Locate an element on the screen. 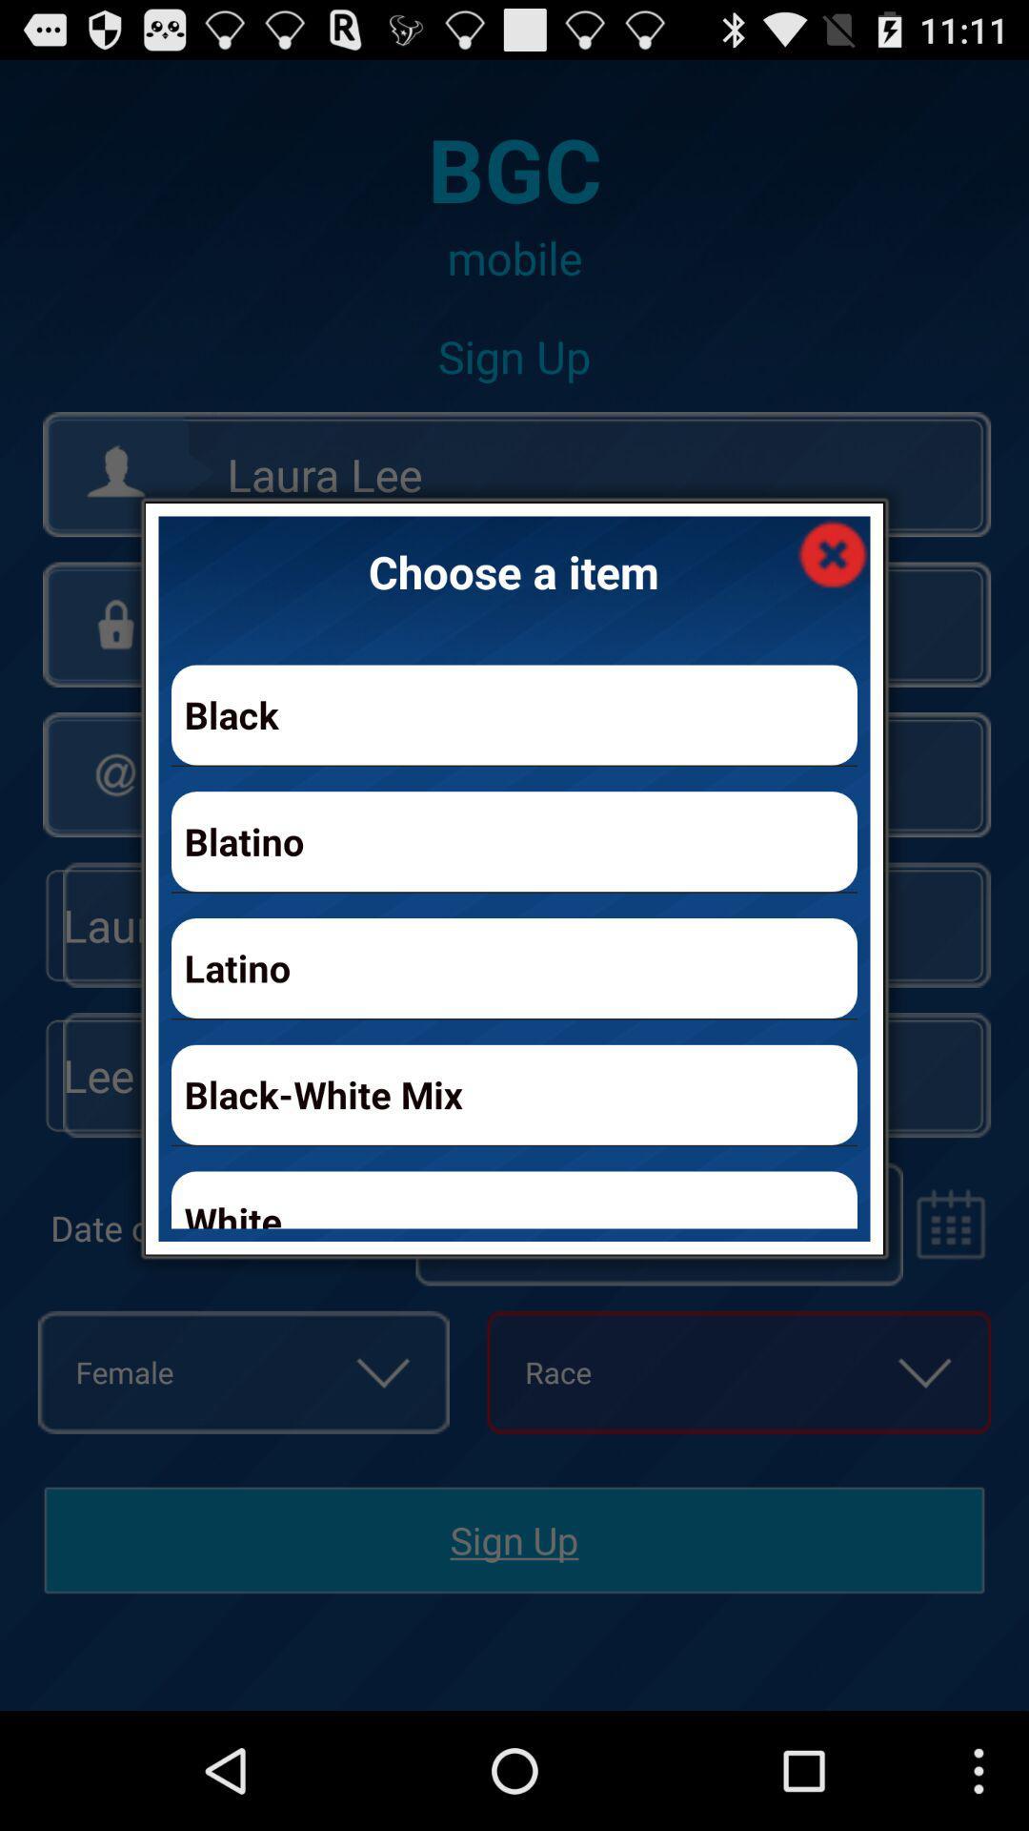 The width and height of the screenshot is (1029, 1831). the latino icon is located at coordinates (514, 968).